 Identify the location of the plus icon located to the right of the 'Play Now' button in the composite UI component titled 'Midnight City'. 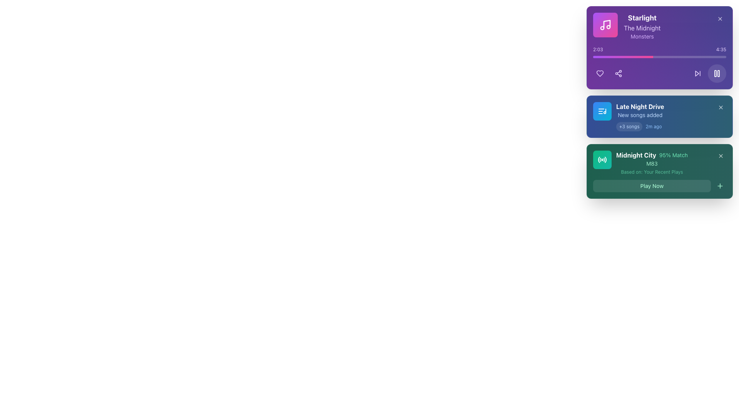
(659, 171).